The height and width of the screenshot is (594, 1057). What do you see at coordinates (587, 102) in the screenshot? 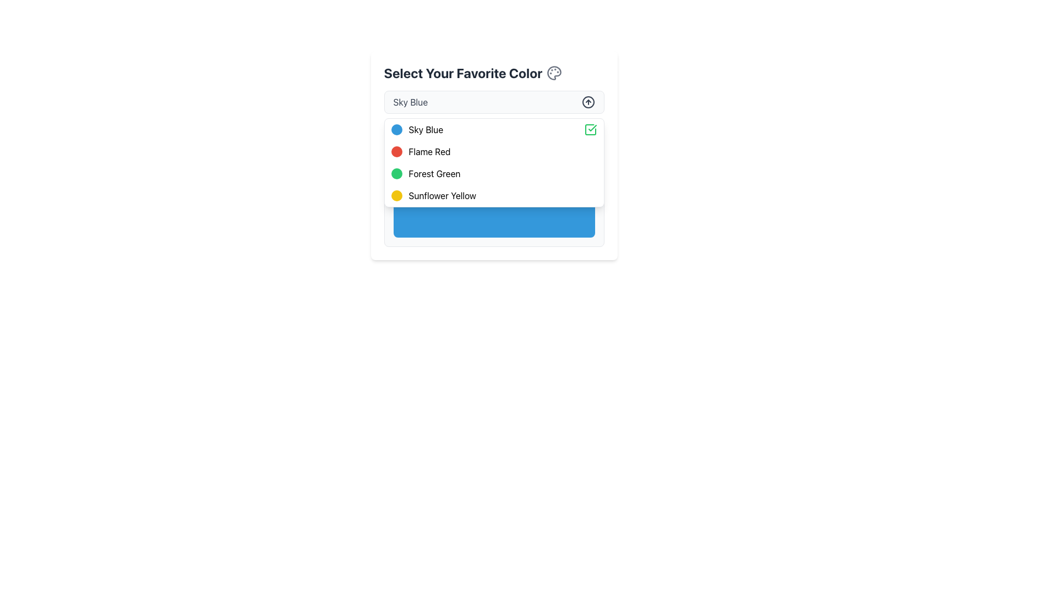
I see `the circular icon with an upward arrow located in the top-right corner of the color dropdown selection UI` at bounding box center [587, 102].